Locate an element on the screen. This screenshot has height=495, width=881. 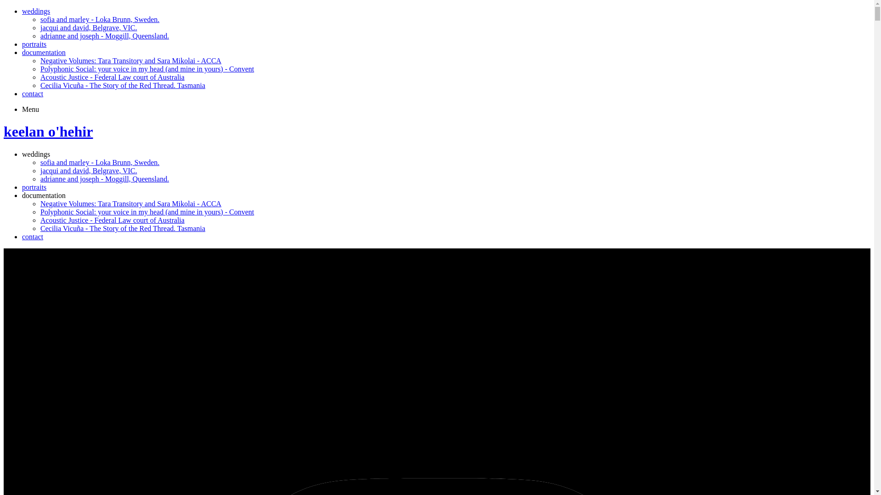
'adrianne and joseph - Moggill, Queensland.' is located at coordinates (105, 179).